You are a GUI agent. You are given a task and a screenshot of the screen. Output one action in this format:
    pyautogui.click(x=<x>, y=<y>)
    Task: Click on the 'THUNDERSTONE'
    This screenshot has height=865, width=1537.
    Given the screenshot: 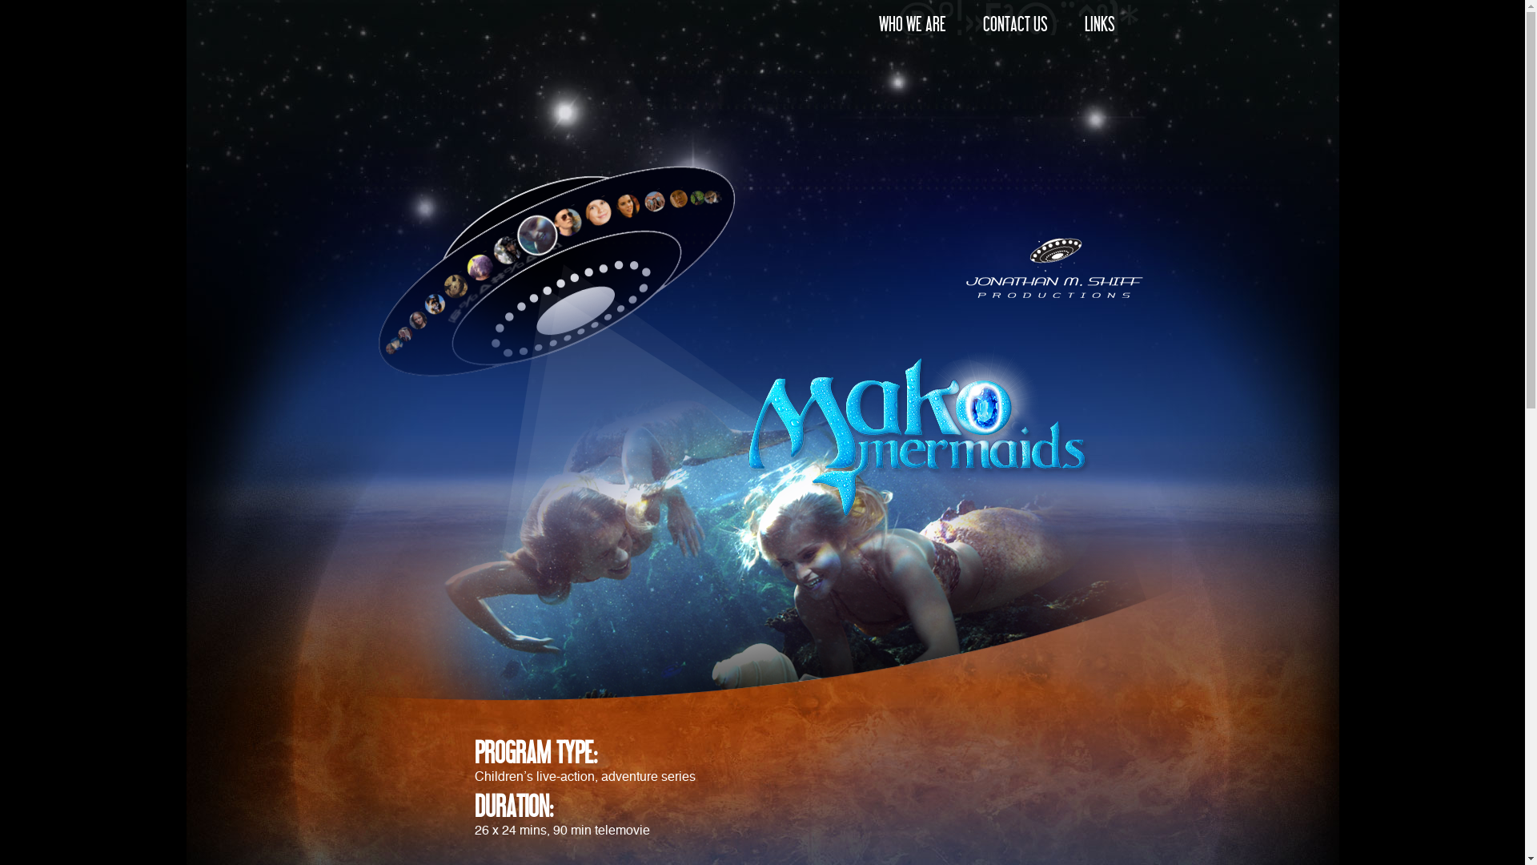 What is the action you would take?
    pyautogui.click(x=403, y=336)
    